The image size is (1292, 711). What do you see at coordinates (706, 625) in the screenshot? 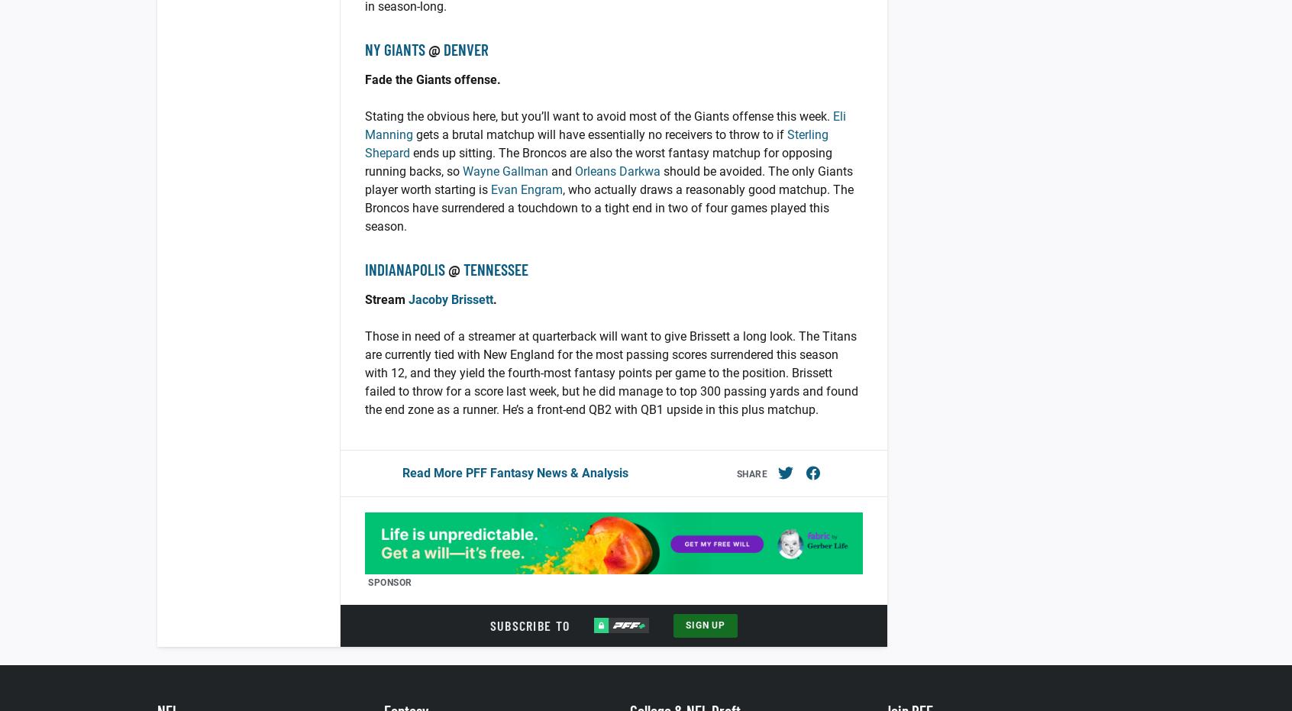
I see `'Sign Up'` at bounding box center [706, 625].